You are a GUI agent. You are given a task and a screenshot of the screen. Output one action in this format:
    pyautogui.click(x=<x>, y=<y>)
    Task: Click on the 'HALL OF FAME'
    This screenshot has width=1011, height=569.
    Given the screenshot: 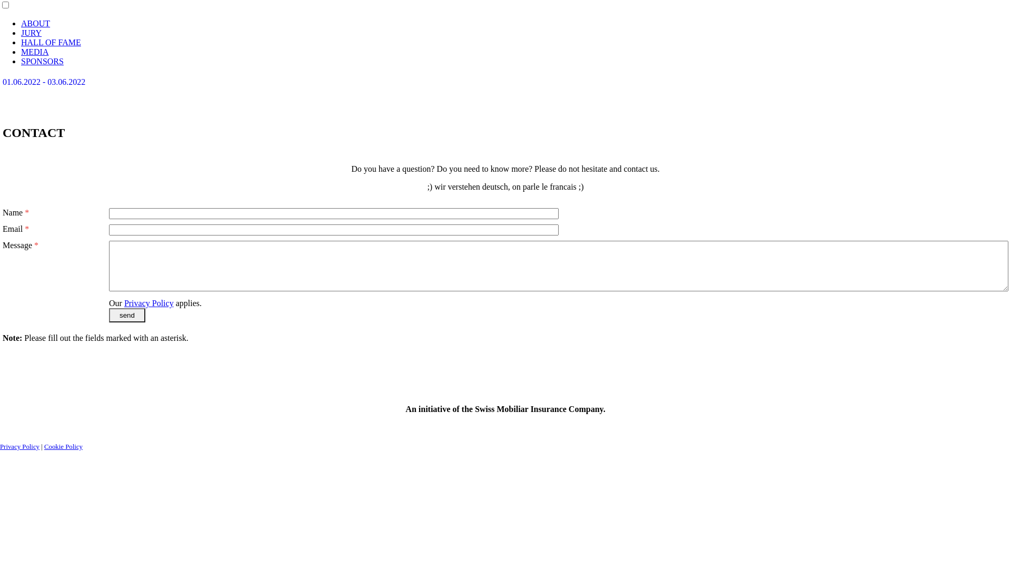 What is the action you would take?
    pyautogui.click(x=50, y=42)
    